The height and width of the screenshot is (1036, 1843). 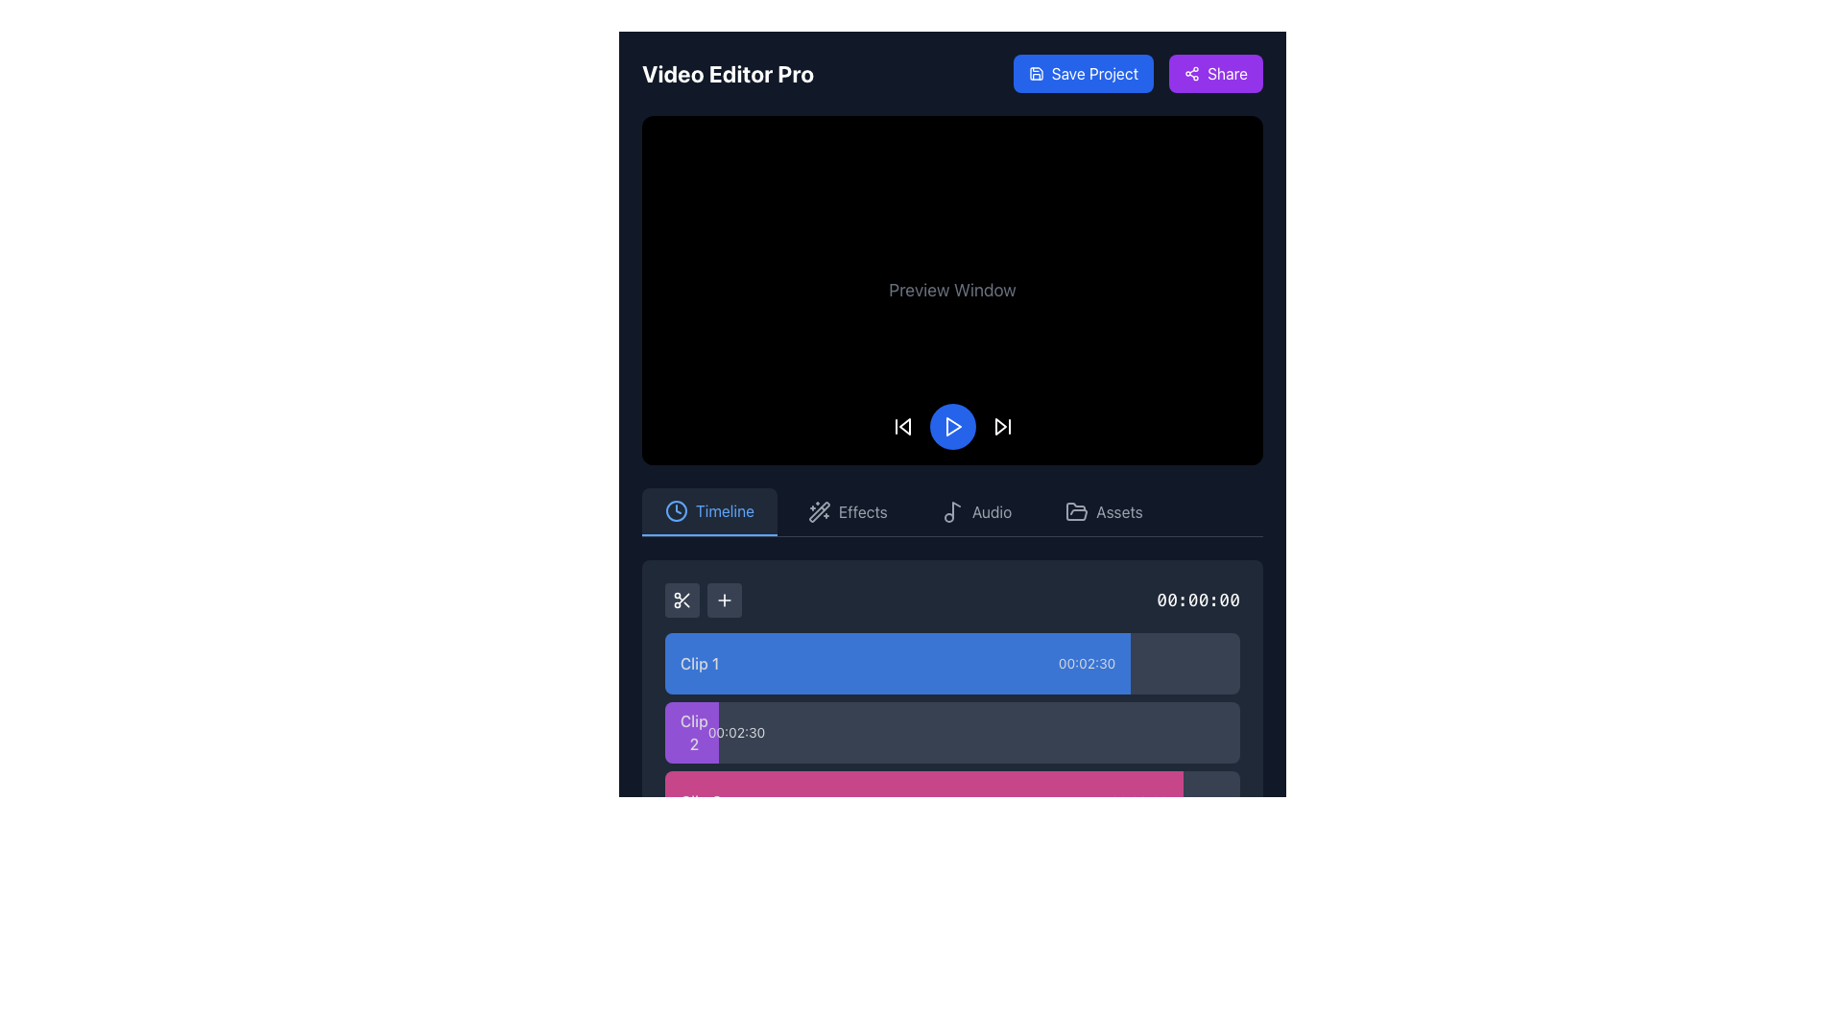 What do you see at coordinates (1104, 510) in the screenshot?
I see `the 'Assets' button in the horizontal navigation bar` at bounding box center [1104, 510].